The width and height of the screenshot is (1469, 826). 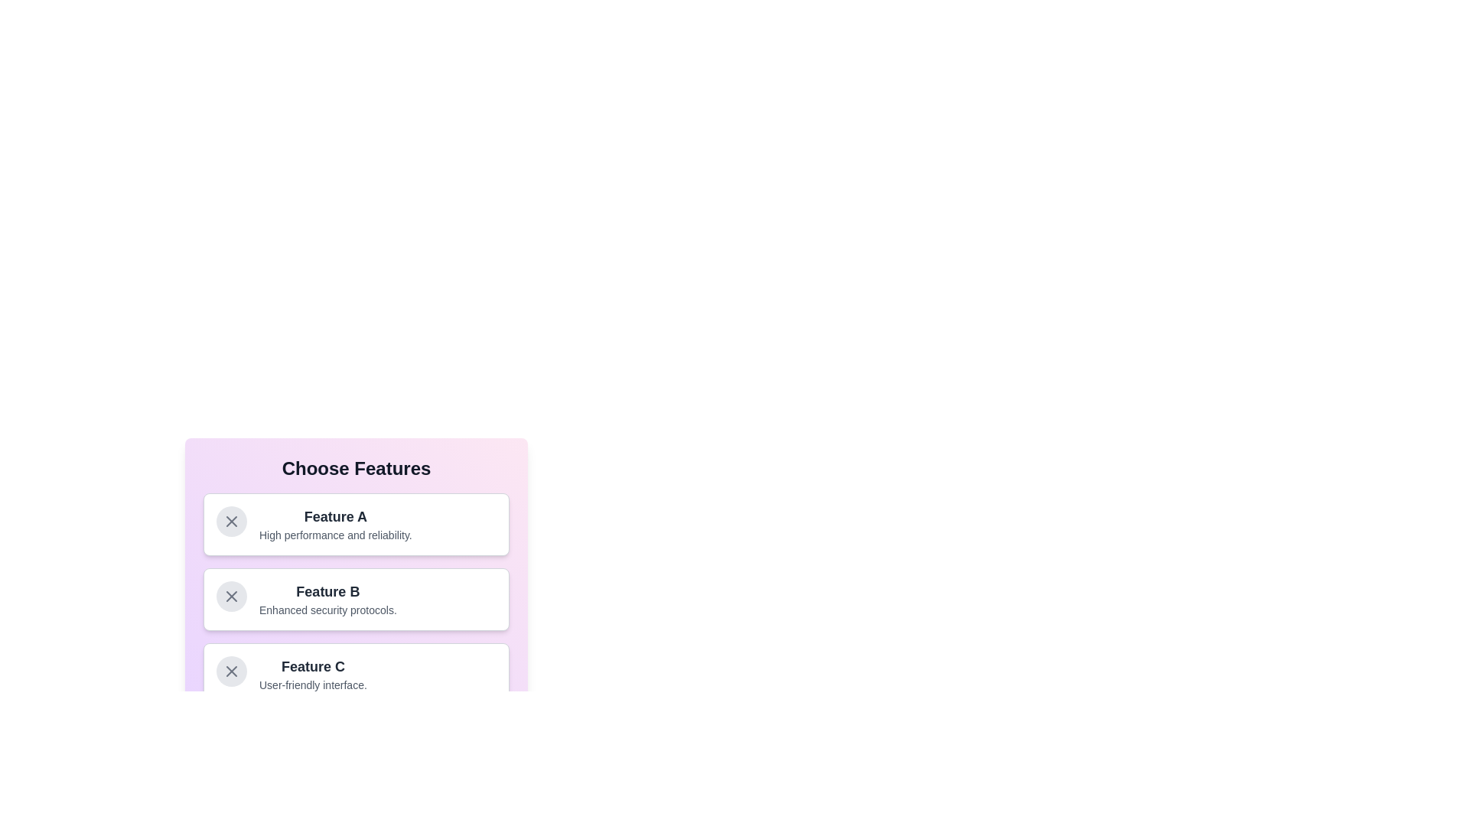 What do you see at coordinates (230, 671) in the screenshot?
I see `the cross icon` at bounding box center [230, 671].